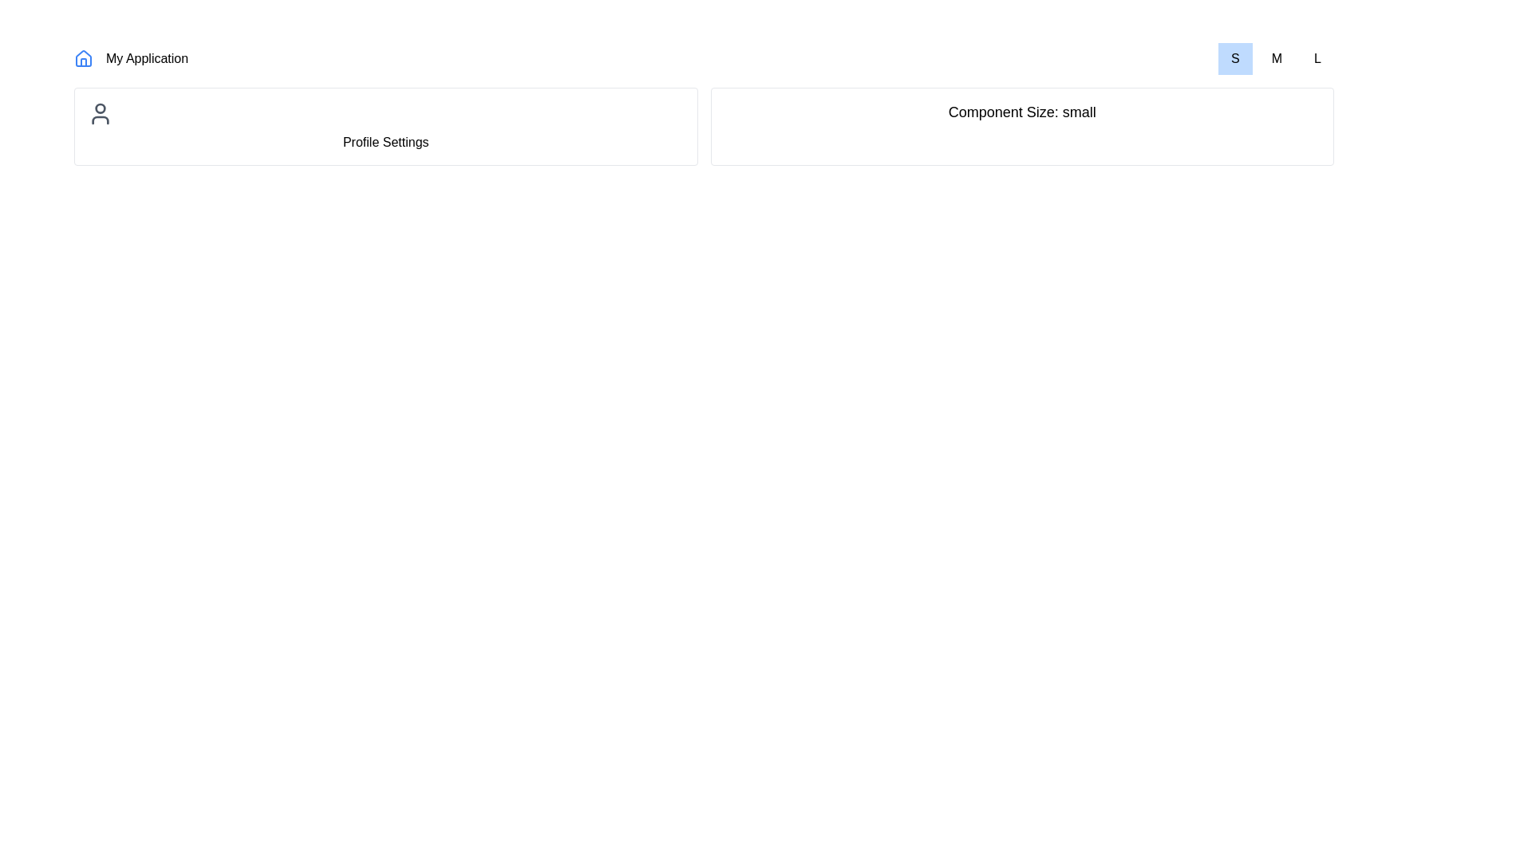  Describe the element at coordinates (1275, 57) in the screenshot. I see `the medium size button located in the upper-right of the layout, which is positioned between the small ('S') and large ('L') buttons` at that location.